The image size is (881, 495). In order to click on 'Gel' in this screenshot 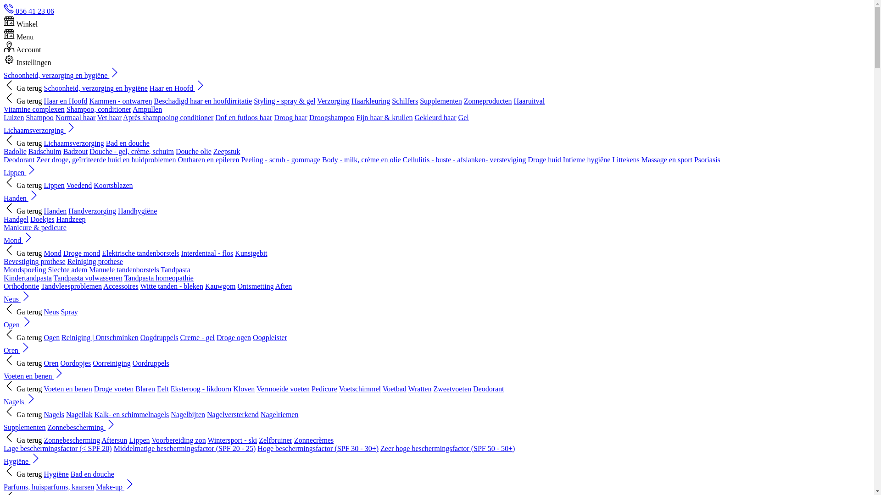, I will do `click(458, 117)`.